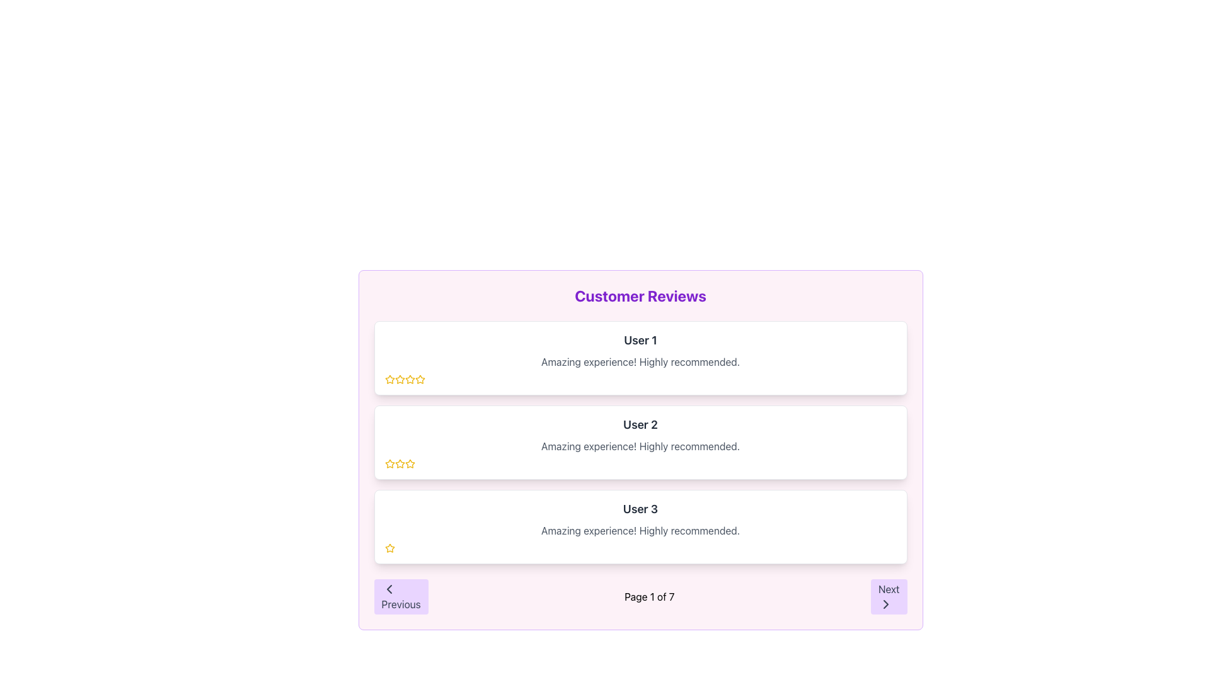 The image size is (1210, 680). What do you see at coordinates (399, 463) in the screenshot?
I see `the second star icon in the 5-star rating system for 'User 2', which visually indicates the review score` at bounding box center [399, 463].